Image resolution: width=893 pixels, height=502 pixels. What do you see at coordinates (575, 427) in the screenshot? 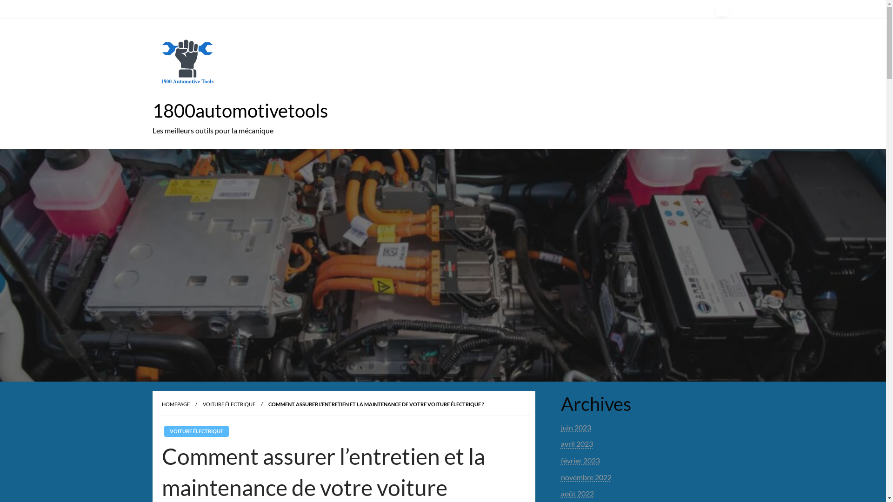
I see `'juin 2023'` at bounding box center [575, 427].